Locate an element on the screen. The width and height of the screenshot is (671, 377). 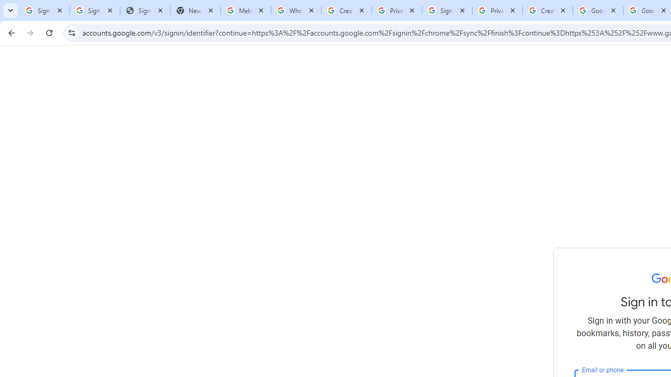
'New Tab' is located at coordinates (196, 10).